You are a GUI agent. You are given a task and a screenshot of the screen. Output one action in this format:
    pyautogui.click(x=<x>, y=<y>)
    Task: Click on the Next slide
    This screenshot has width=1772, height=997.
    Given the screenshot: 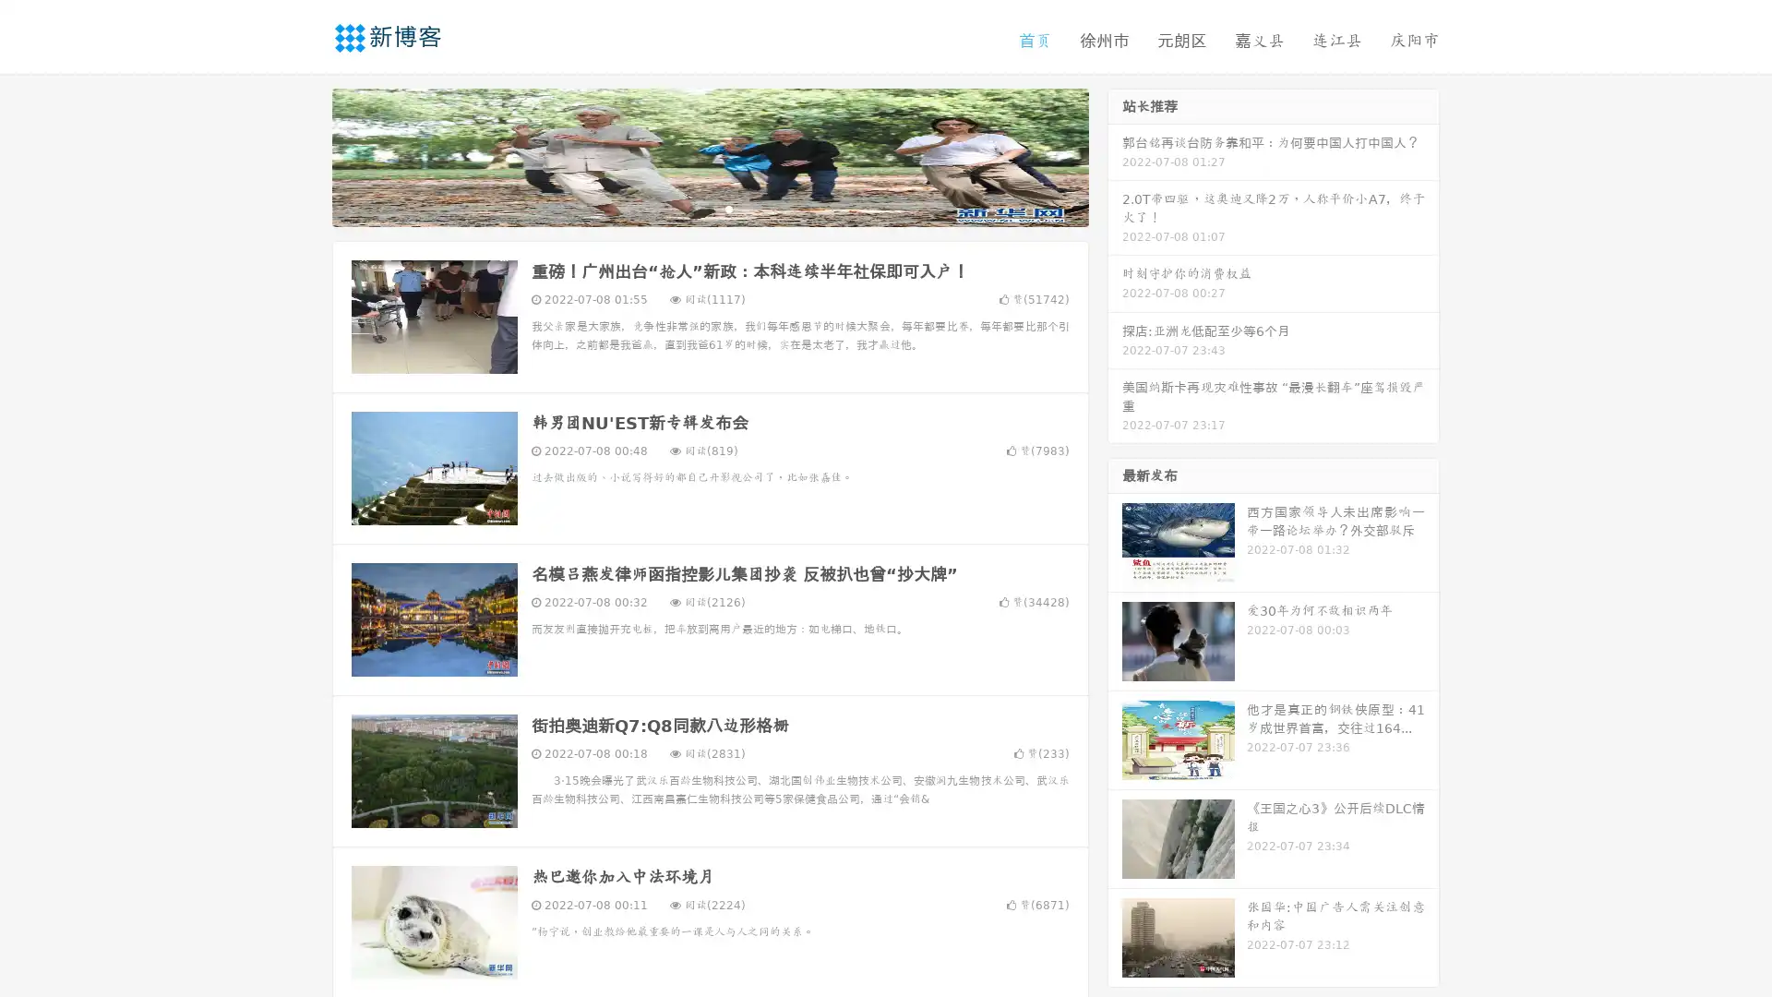 What is the action you would take?
    pyautogui.click(x=1115, y=155)
    